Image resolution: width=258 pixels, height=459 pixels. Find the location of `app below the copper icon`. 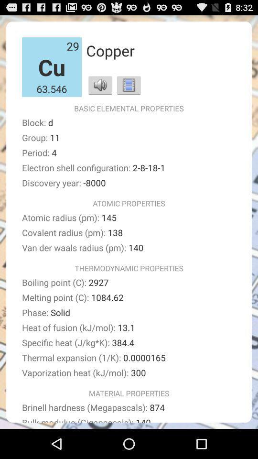

app below the copper icon is located at coordinates (100, 84).